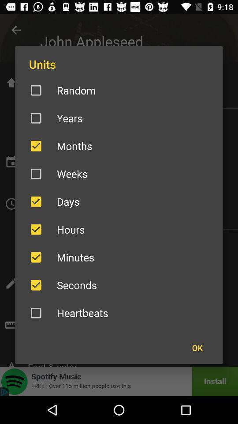 This screenshot has height=424, width=238. Describe the element at coordinates (197, 348) in the screenshot. I see `icon at the bottom right corner` at that location.